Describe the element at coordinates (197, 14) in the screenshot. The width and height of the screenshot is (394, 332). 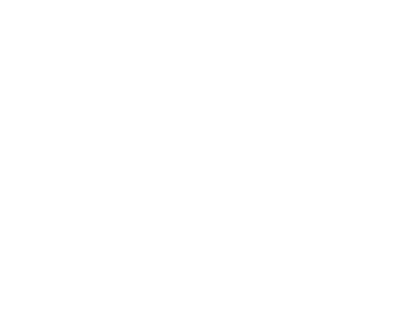
I see `'Other Ways We Meet Needs'` at that location.